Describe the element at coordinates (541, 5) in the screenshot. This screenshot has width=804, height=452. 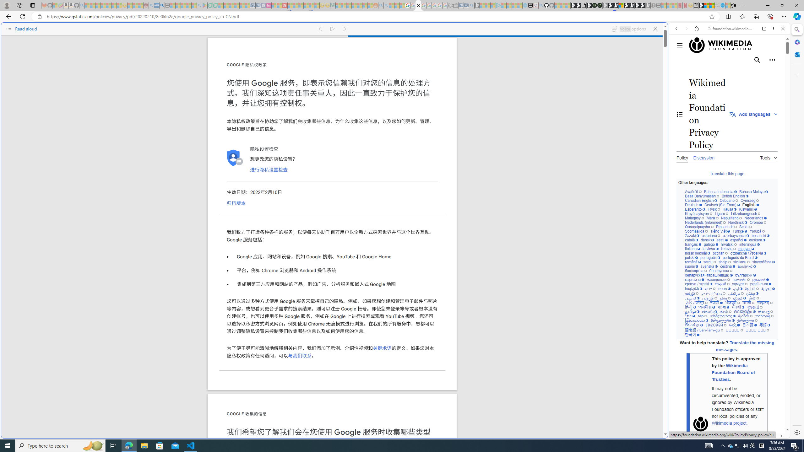
I see `'github - Search - Sleeping'` at that location.